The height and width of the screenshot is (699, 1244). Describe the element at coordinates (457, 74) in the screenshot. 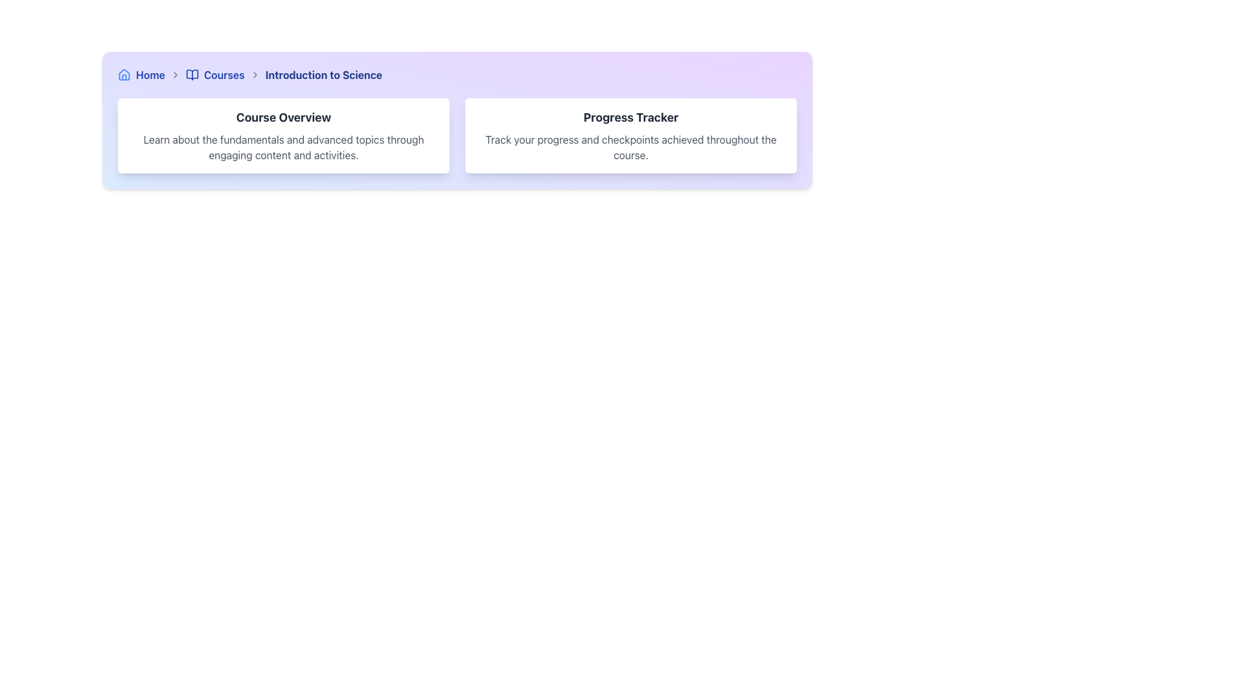

I see `the Breadcrumb Navigation Bar` at that location.